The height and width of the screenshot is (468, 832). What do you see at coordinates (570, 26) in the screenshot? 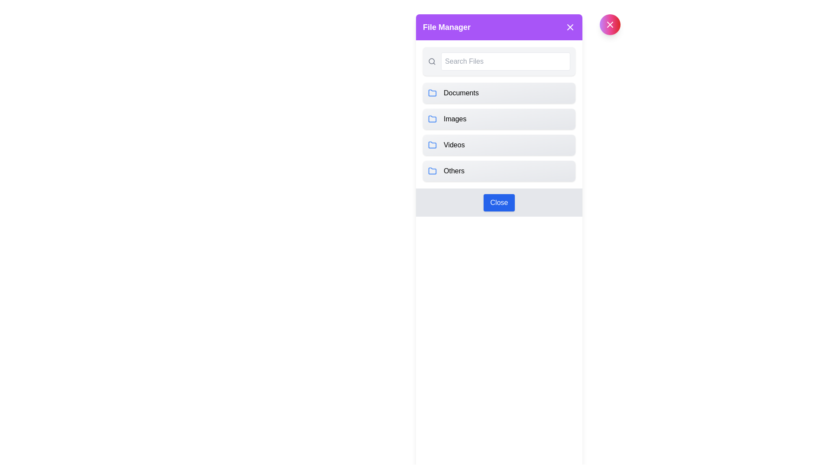
I see `the Close button icon, which is a white 'X' on a purple background, located at the top-right corner of the 'File Manager' header` at bounding box center [570, 26].